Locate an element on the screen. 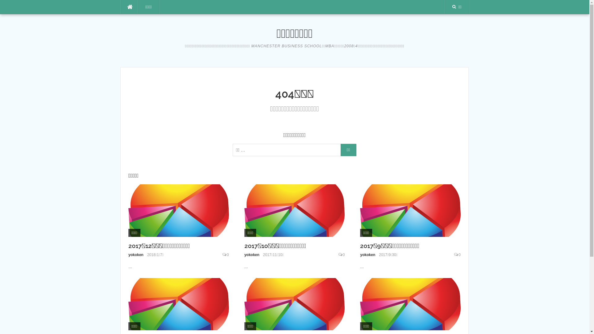  'yokoken' is located at coordinates (136, 255).